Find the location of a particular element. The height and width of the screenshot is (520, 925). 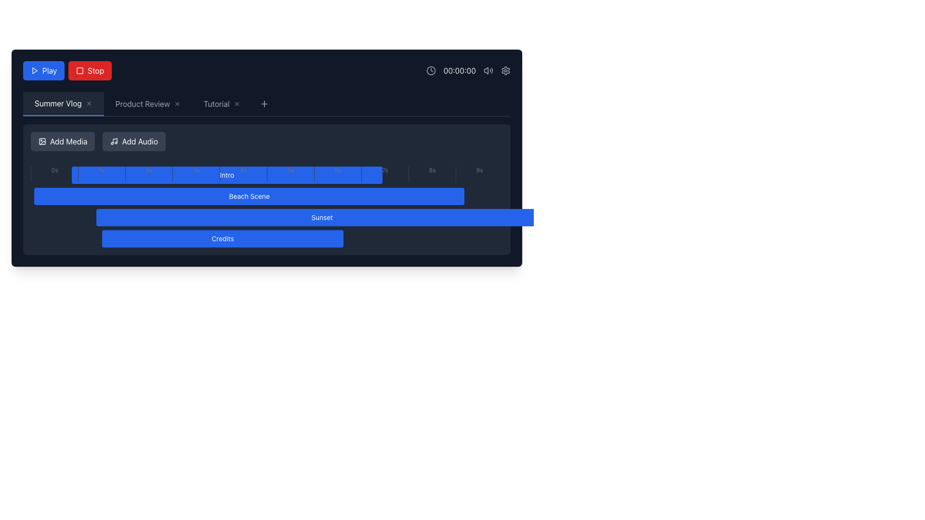

the 'Tutorial' tab text label, which is styled in white on a dark background is located at coordinates (216, 104).